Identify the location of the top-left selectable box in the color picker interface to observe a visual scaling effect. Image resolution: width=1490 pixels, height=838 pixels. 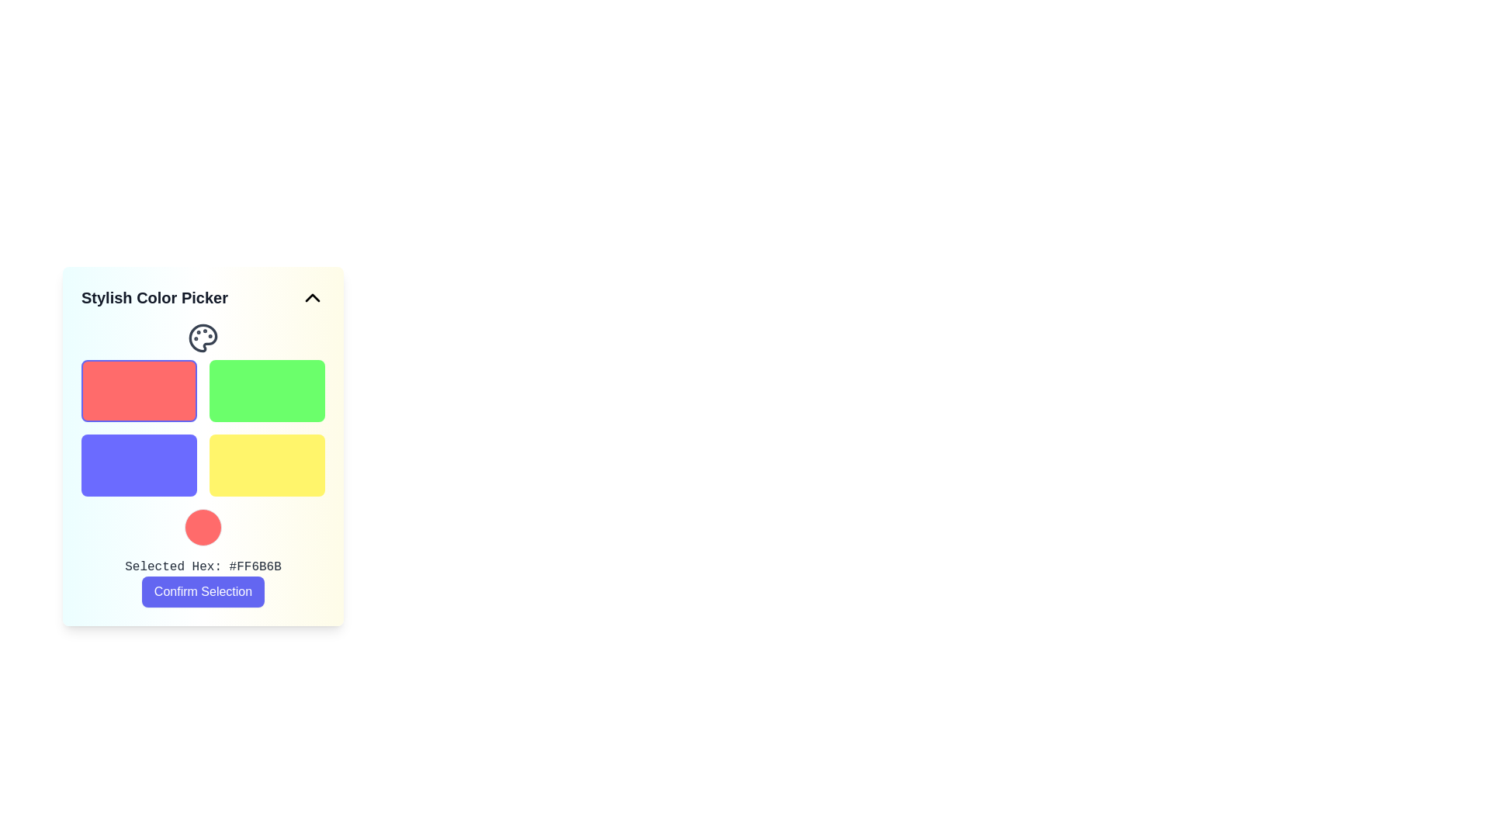
(139, 390).